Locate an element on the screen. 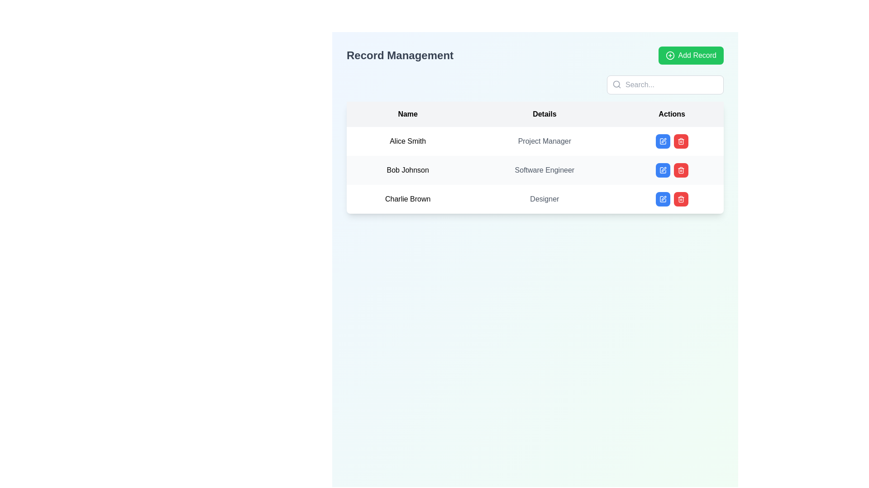  the delete action button with an icon located is located at coordinates (681, 198).